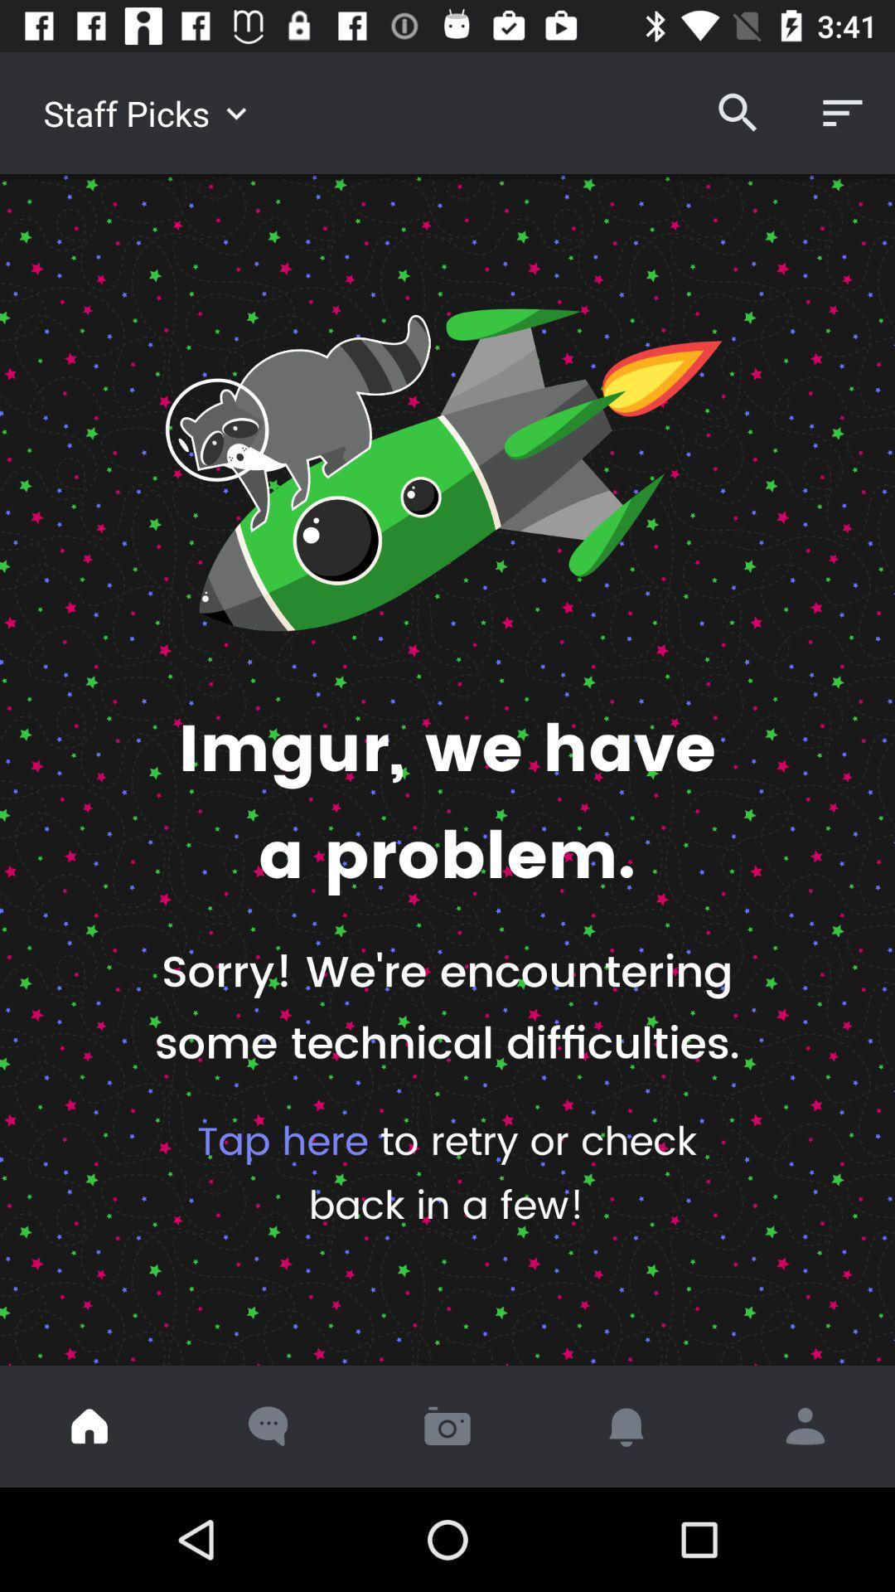  What do you see at coordinates (447, 1425) in the screenshot?
I see `the item below tap here to` at bounding box center [447, 1425].